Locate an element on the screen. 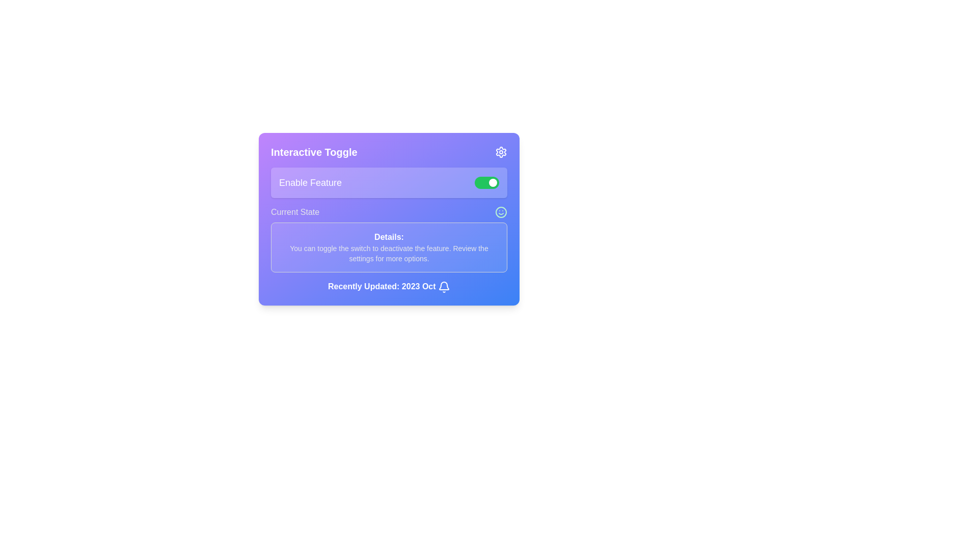 The height and width of the screenshot is (550, 978). the Information card that contains the heading 'Details:' and the description about toggling the switch, located in the 'Interactive Toggle' section is located at coordinates (388, 239).